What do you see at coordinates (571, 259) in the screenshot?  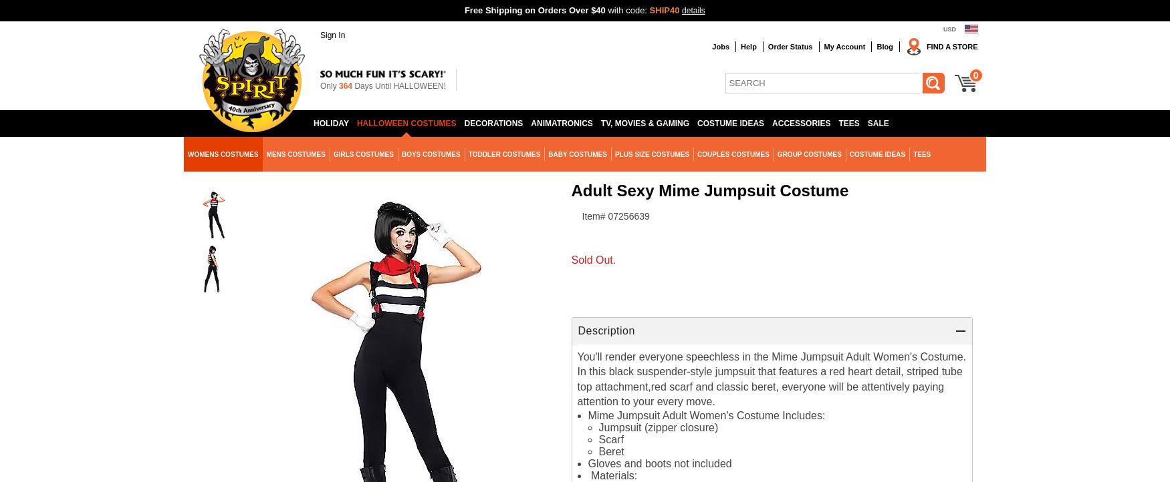 I see `'Sold Out.'` at bounding box center [571, 259].